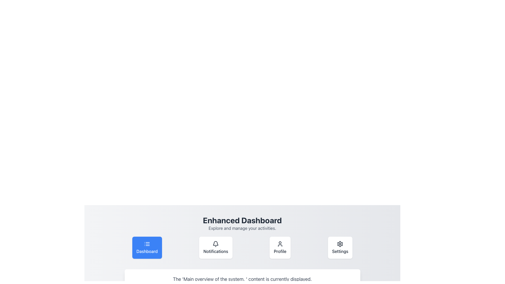 The width and height of the screenshot is (505, 284). Describe the element at coordinates (242, 220) in the screenshot. I see `the static header element that introduces the dashboard section, positioned above the text 'Explore and manage your activities.'` at that location.